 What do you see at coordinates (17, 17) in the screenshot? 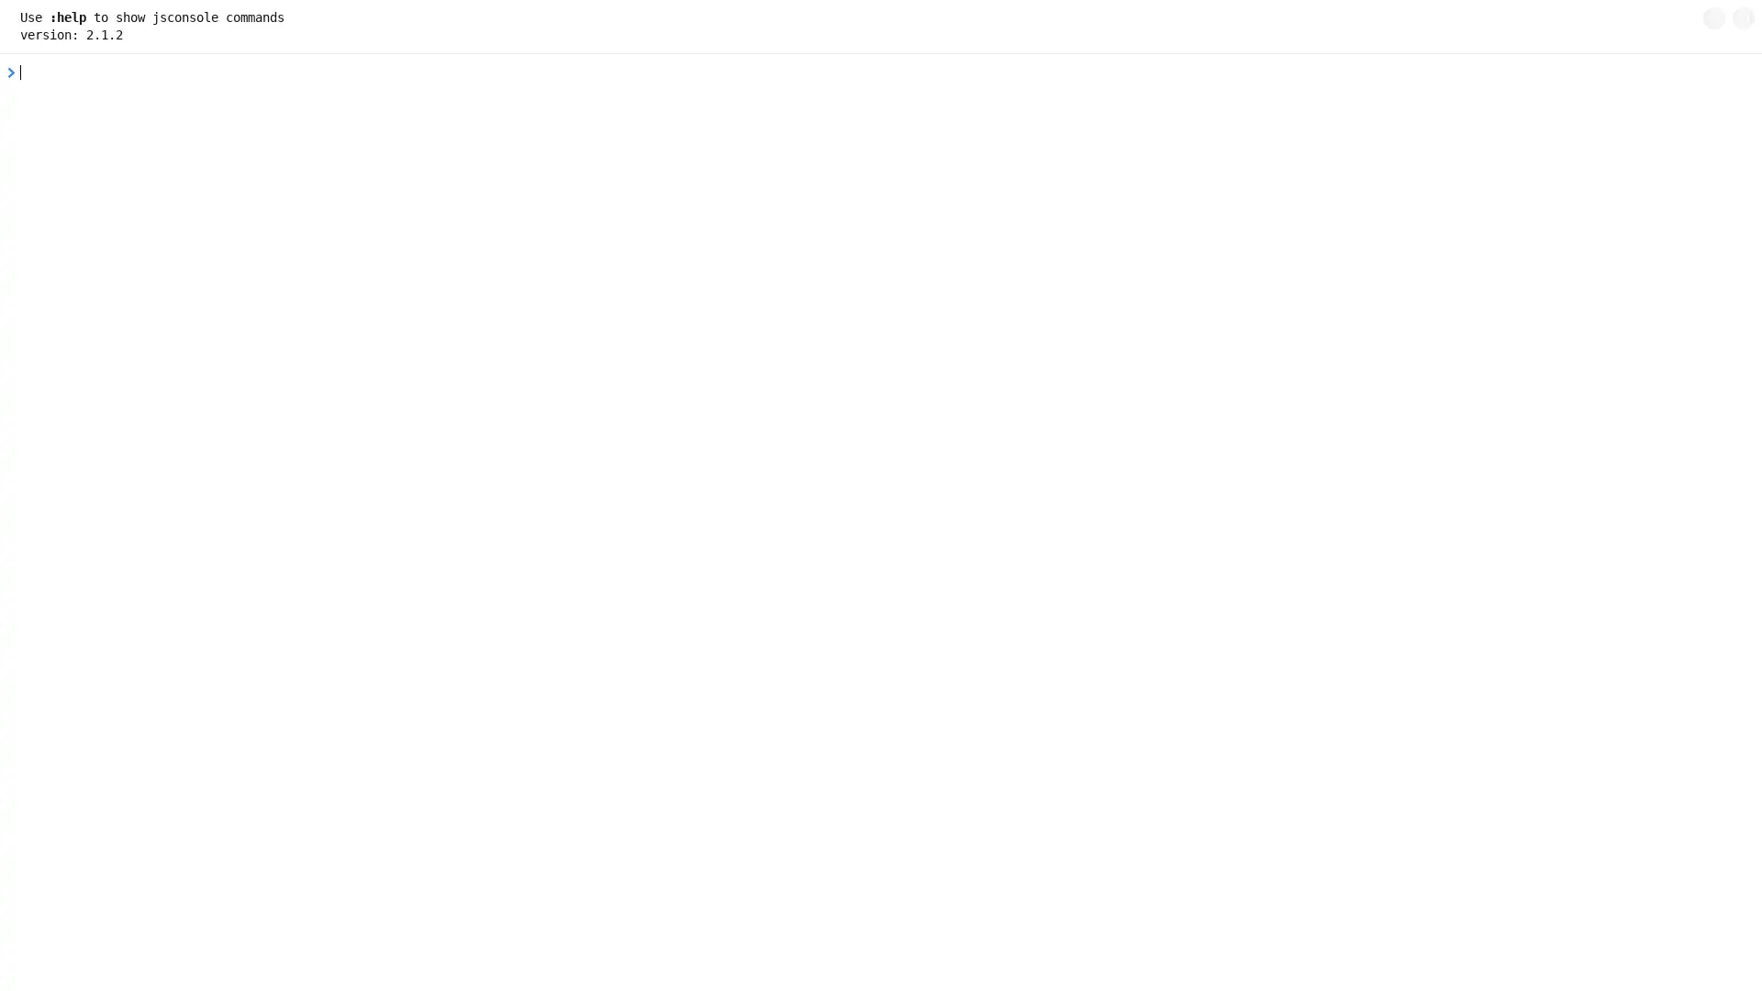
I see `+` at bounding box center [17, 17].